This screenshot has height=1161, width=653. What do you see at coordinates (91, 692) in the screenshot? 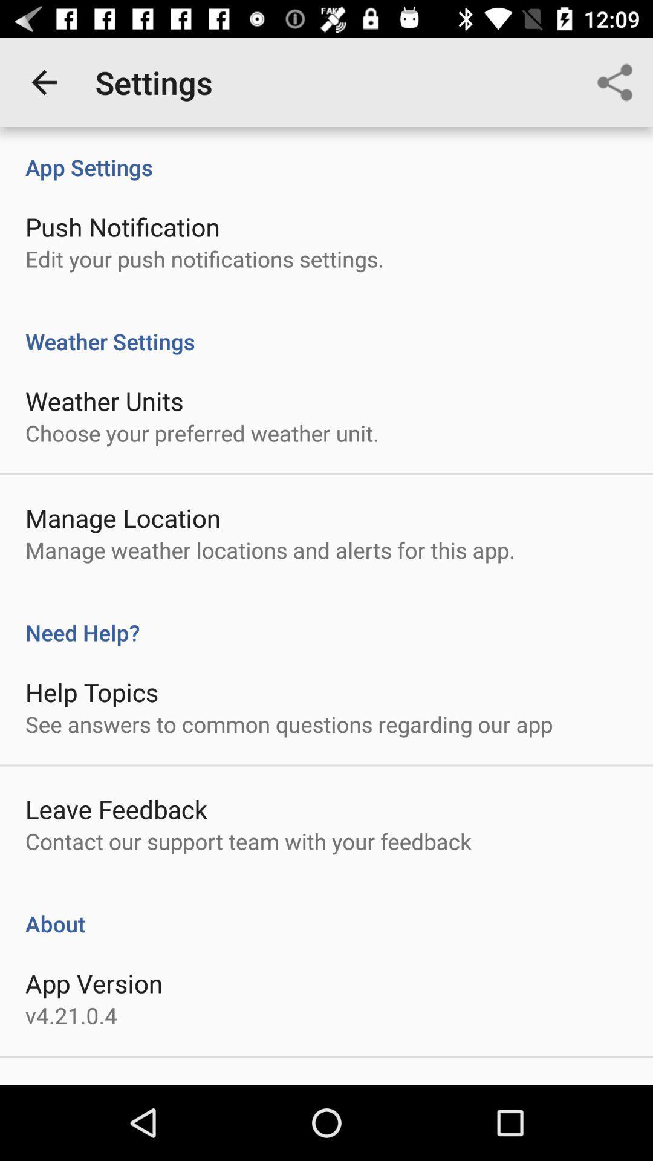
I see `the icon above the see answers to` at bounding box center [91, 692].